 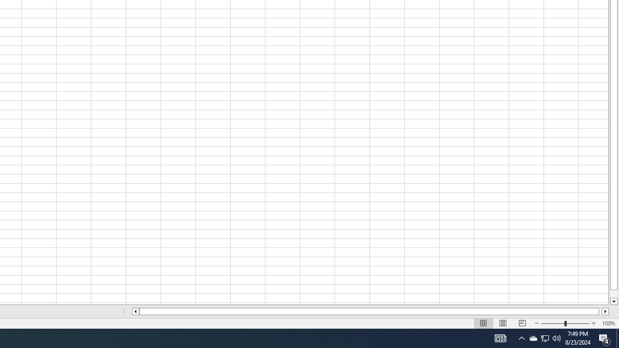 I want to click on 'Page Break Preview', so click(x=521, y=323).